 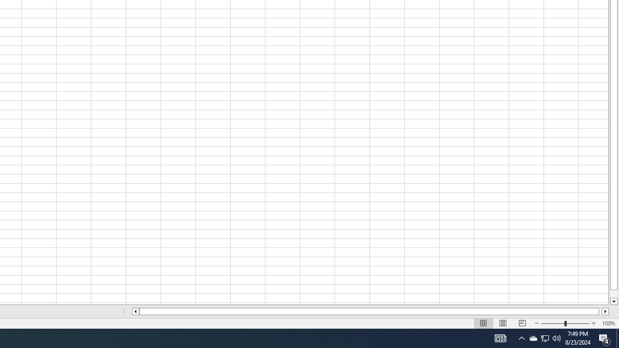 I want to click on 'Page Break Preview', so click(x=521, y=323).